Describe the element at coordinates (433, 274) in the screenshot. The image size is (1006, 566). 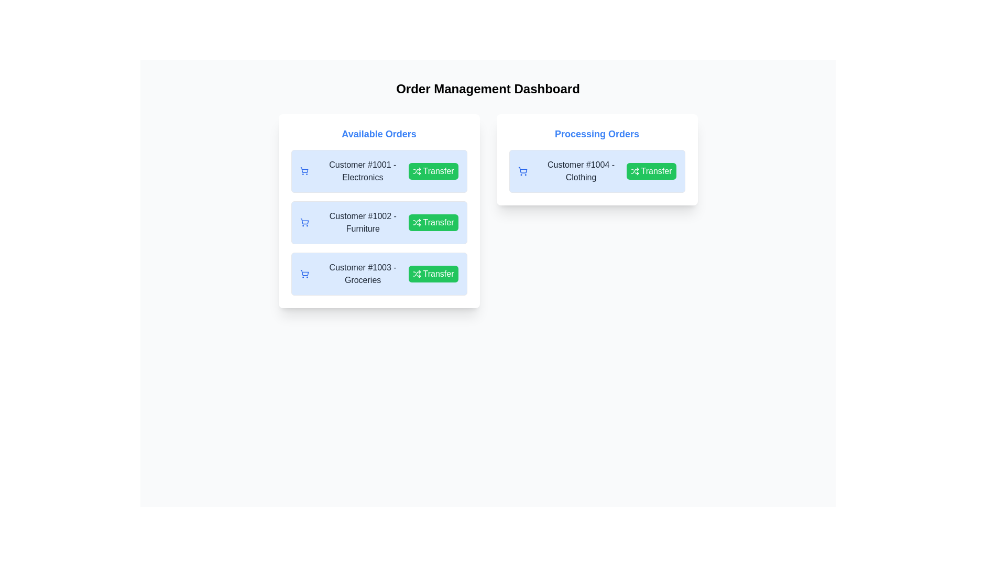
I see `the green 'Transfer' button with a shuffle icon located in the 'Customer #1003 - Groceries' card in the 'Available Orders' section` at that location.